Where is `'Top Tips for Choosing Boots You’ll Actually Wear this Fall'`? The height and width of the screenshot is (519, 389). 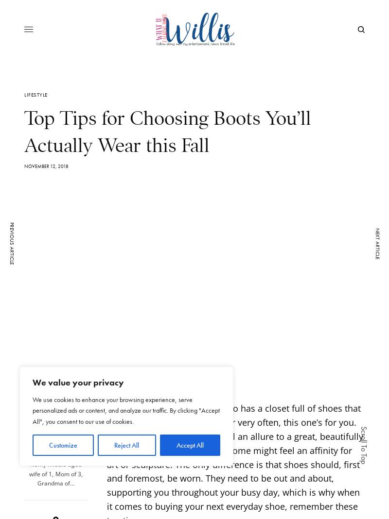 'Top Tips for Choosing Boots You’ll Actually Wear this Fall' is located at coordinates (168, 131).